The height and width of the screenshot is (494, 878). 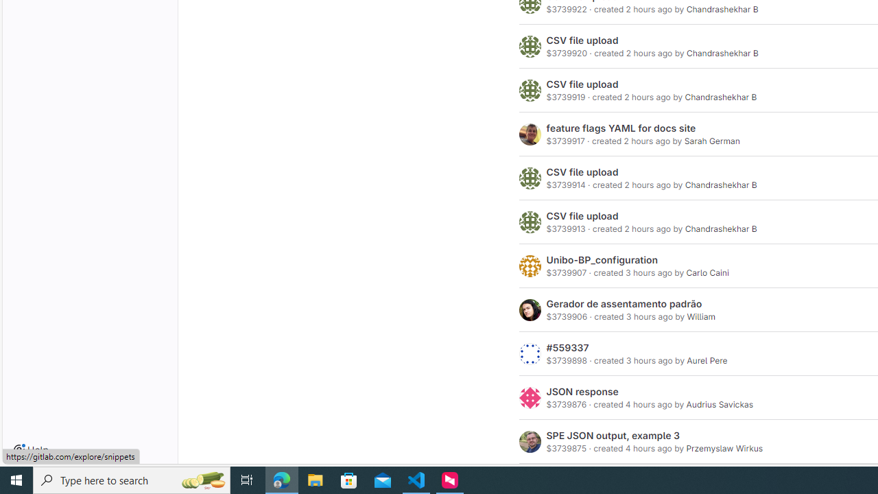 What do you see at coordinates (582, 392) in the screenshot?
I see `'JSON response'` at bounding box center [582, 392].